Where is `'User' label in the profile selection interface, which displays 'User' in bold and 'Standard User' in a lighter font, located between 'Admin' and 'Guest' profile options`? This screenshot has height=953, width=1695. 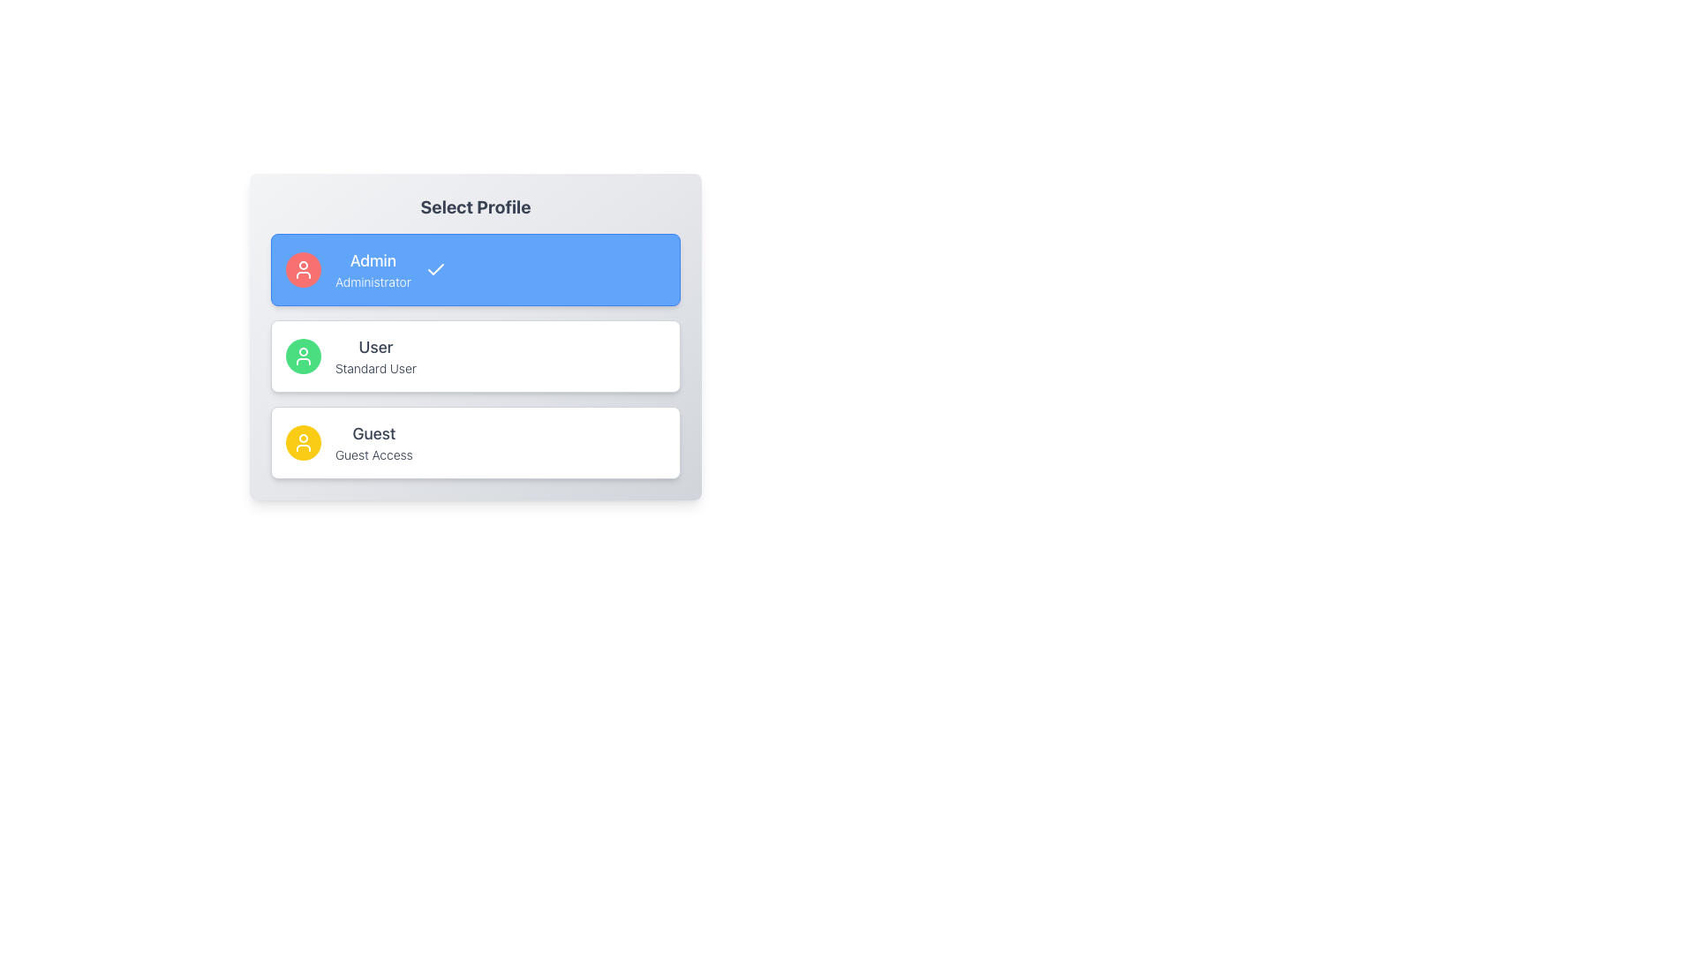 'User' label in the profile selection interface, which displays 'User' in bold and 'Standard User' in a lighter font, located between 'Admin' and 'Guest' profile options is located at coordinates (375, 356).